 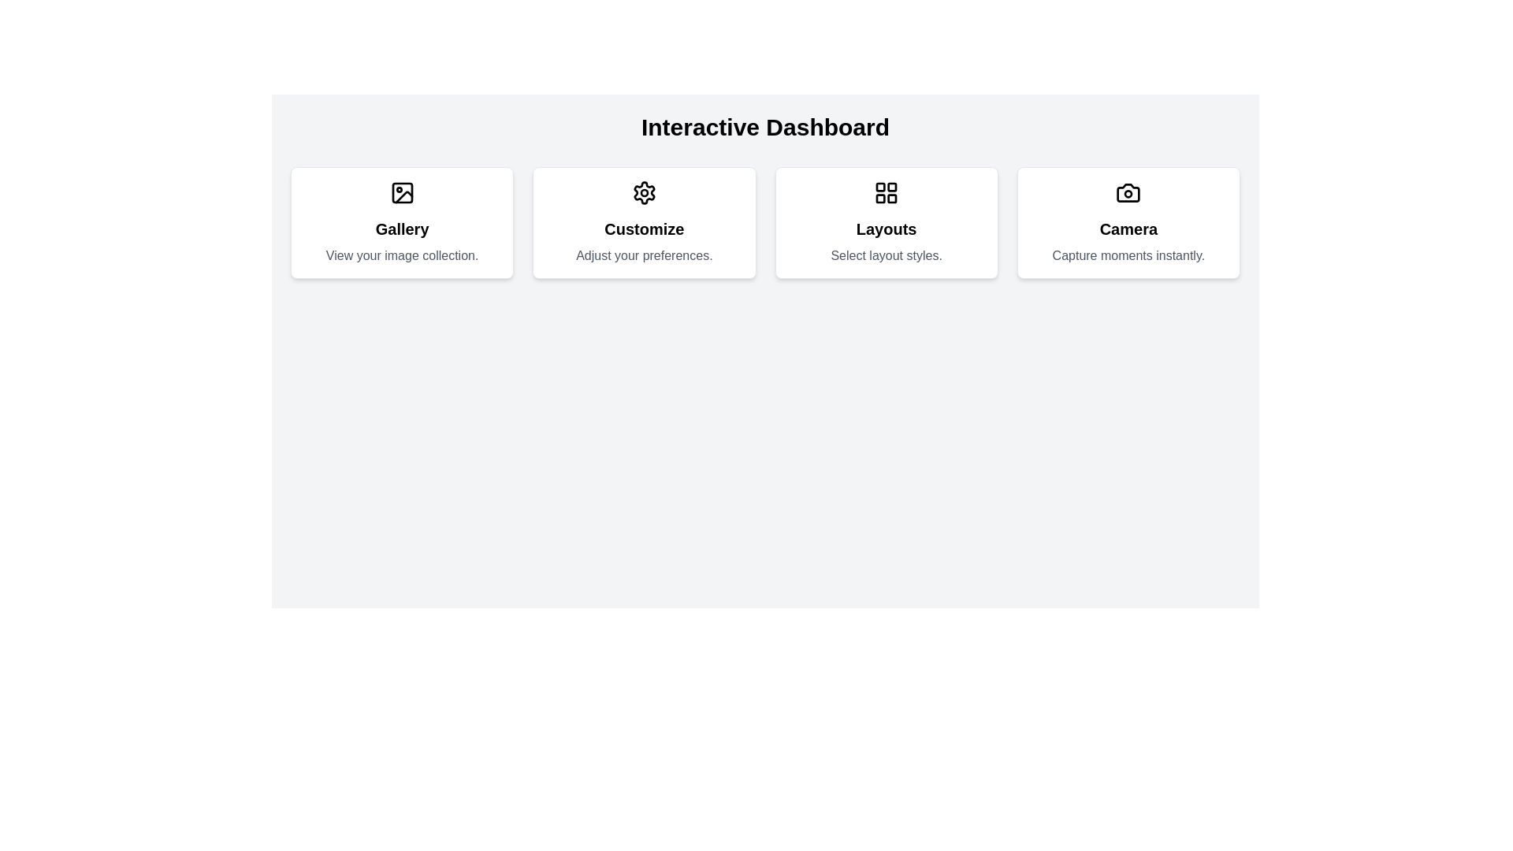 What do you see at coordinates (1128, 192) in the screenshot?
I see `the body of the camera icon located within the 'Camera' feature card at the bottom-right of the grid` at bounding box center [1128, 192].